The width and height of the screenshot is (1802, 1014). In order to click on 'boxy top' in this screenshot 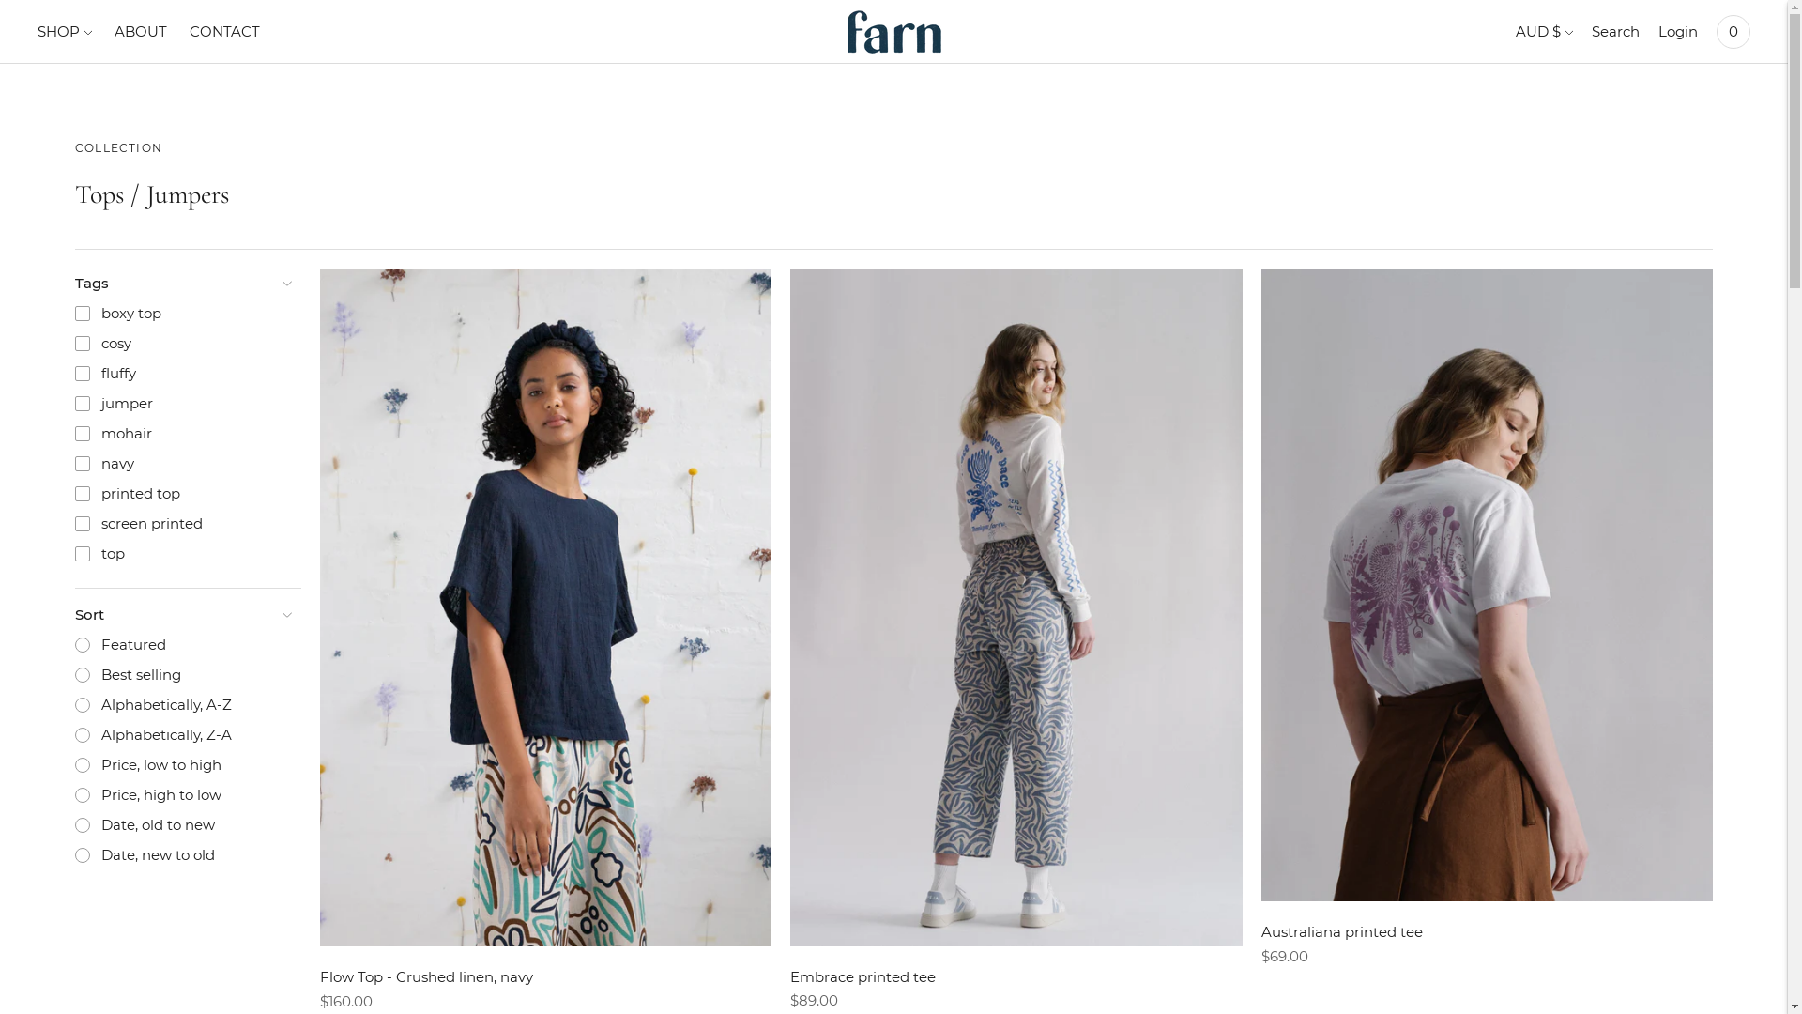, I will do `click(182, 313)`.